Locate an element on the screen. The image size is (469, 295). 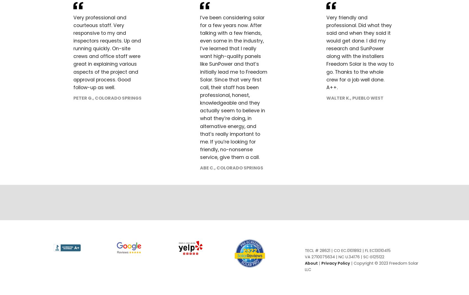
'Abe C., Colorado Springs' is located at coordinates (231, 168).